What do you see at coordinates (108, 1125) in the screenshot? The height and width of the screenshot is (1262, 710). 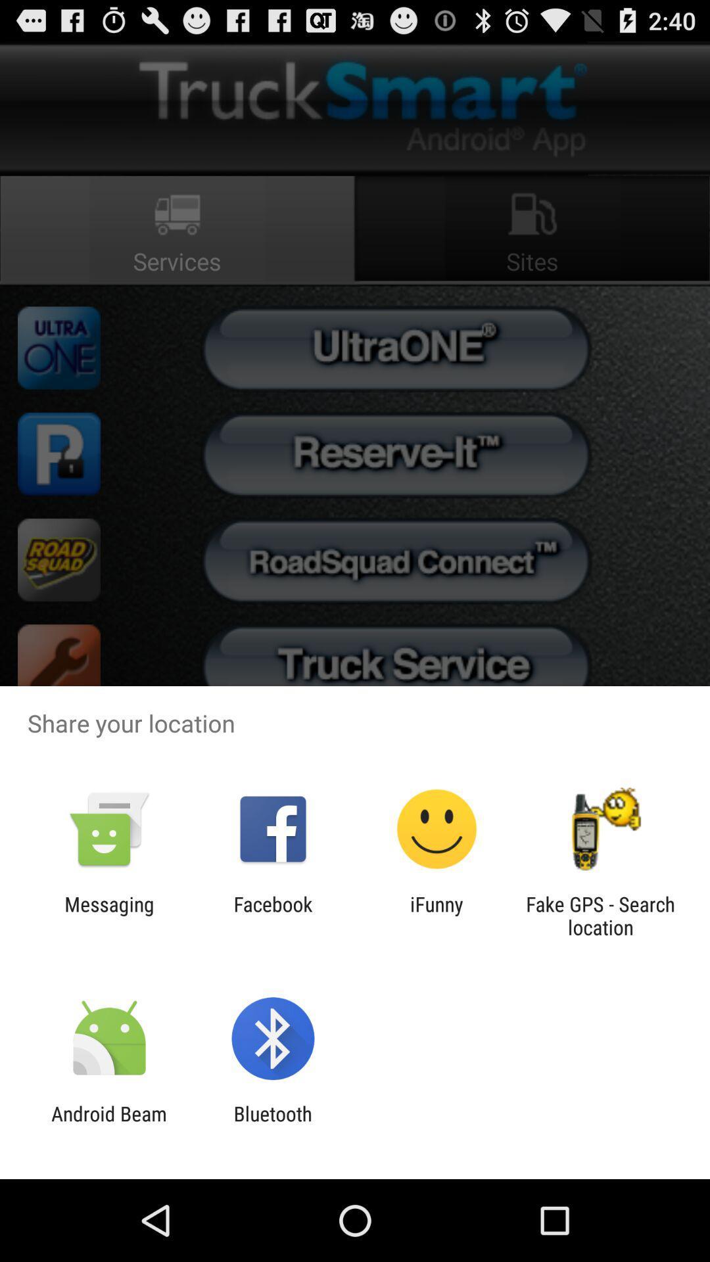 I see `item next to bluetooth app` at bounding box center [108, 1125].